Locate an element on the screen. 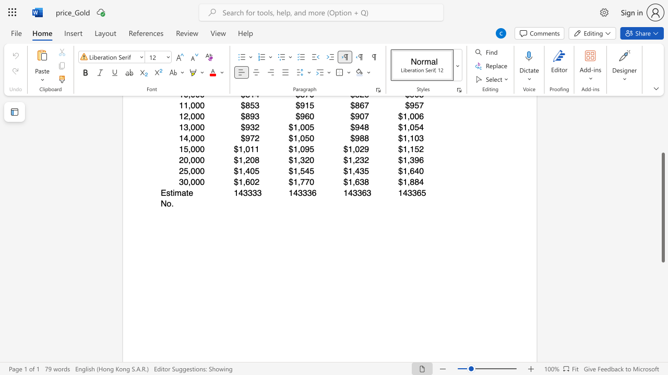 Image resolution: width=668 pixels, height=375 pixels. the scrollbar to move the page upward is located at coordinates (662, 124).